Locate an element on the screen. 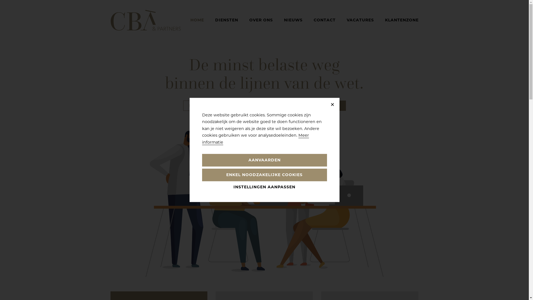 The width and height of the screenshot is (533, 300). 'Meer informatie' is located at coordinates (255, 139).